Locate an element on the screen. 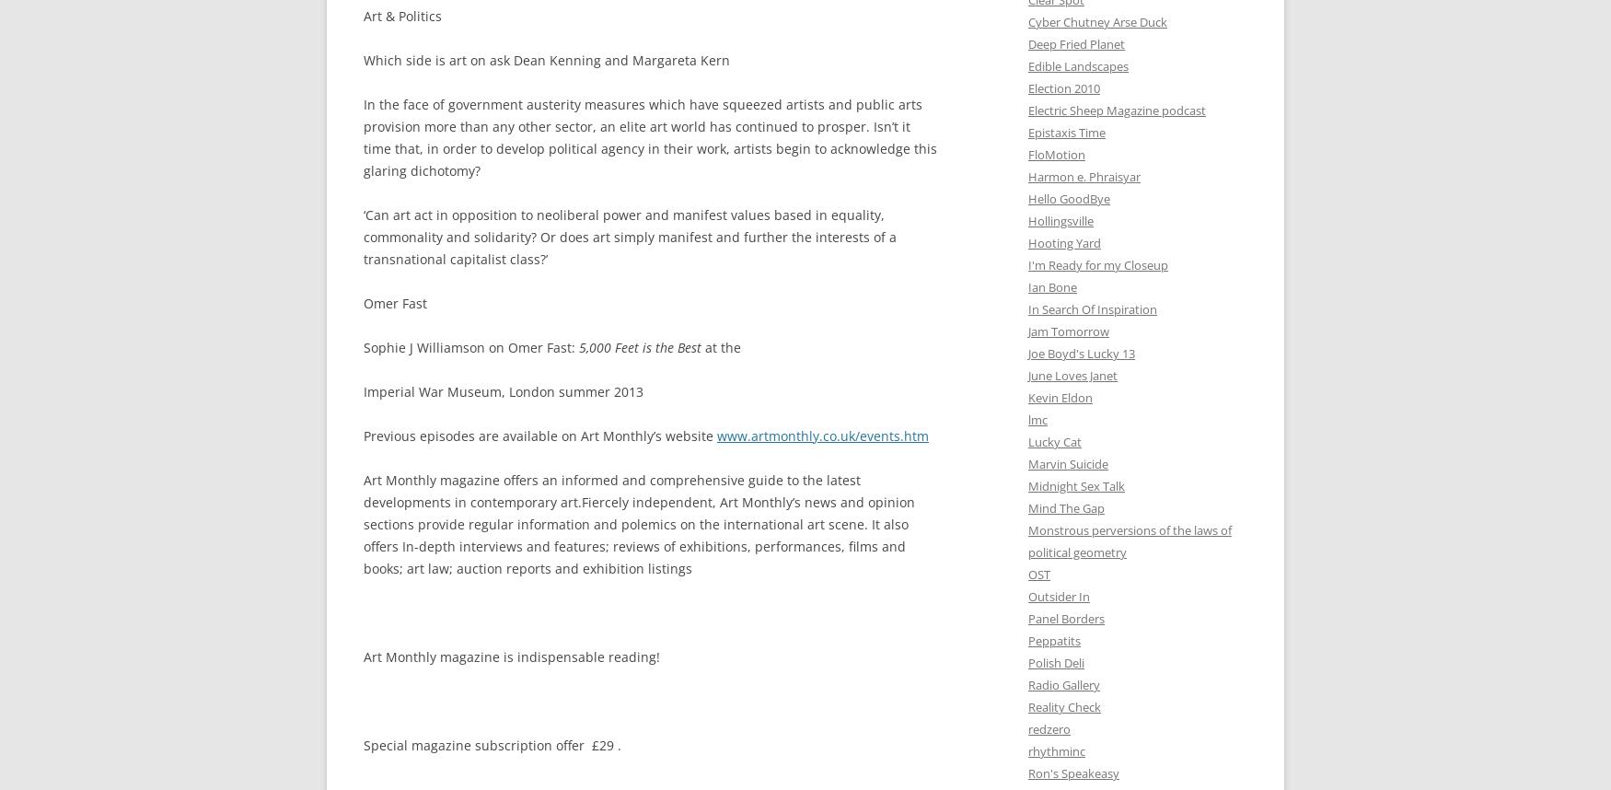 The image size is (1611, 790). 'at the' is located at coordinates (700, 346).